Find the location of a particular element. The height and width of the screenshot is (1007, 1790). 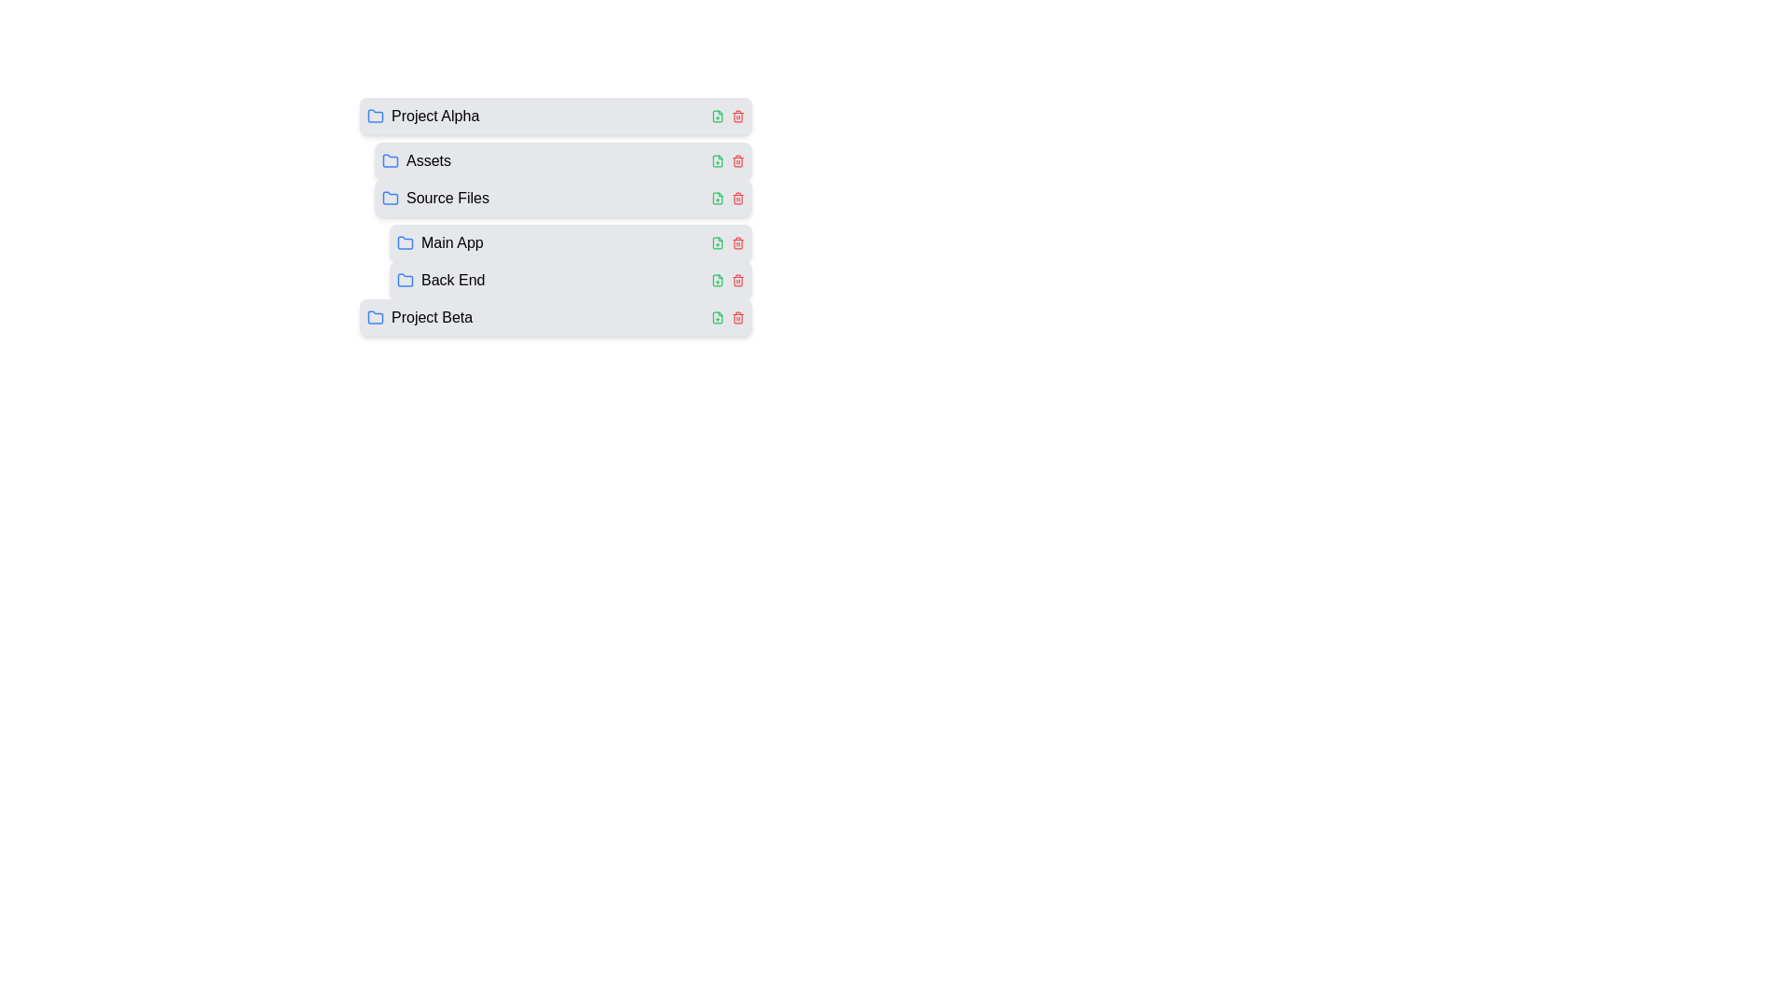

the green outlined file icon located to the right of the 'Back End' folder to interact with it is located at coordinates (716, 280).